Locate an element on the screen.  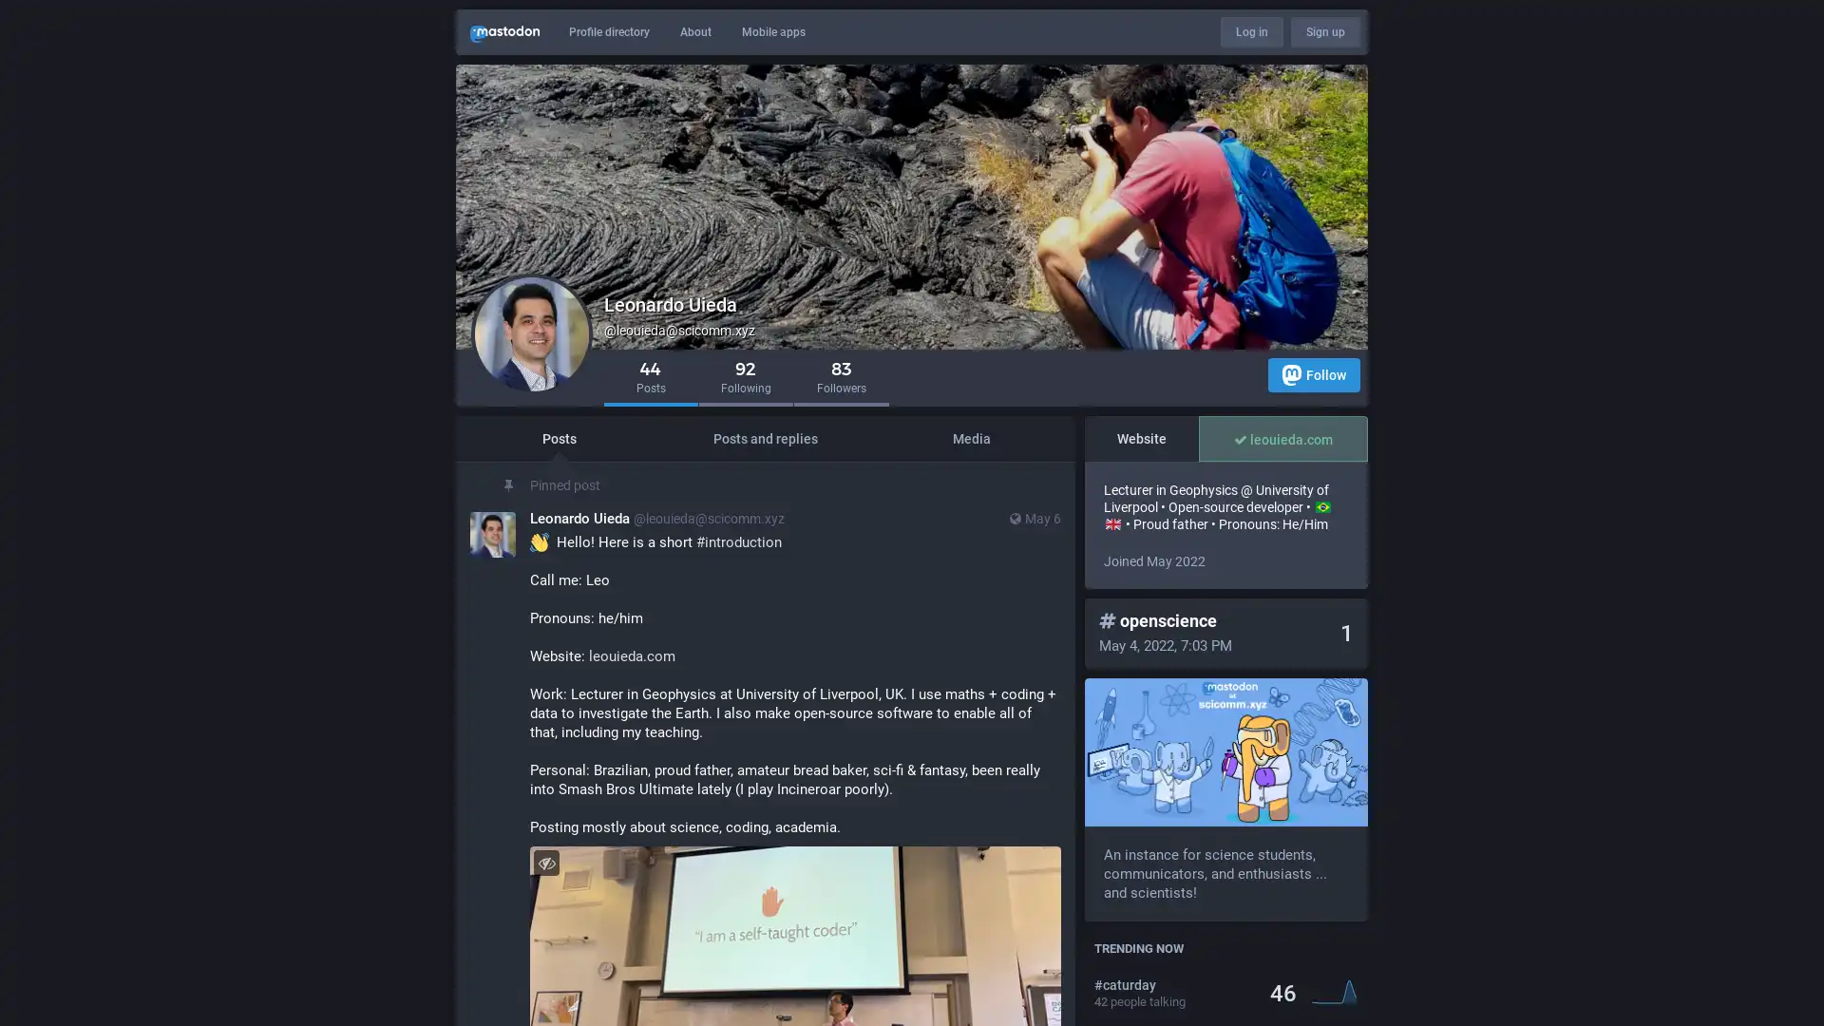
Hide image is located at coordinates (545, 863).